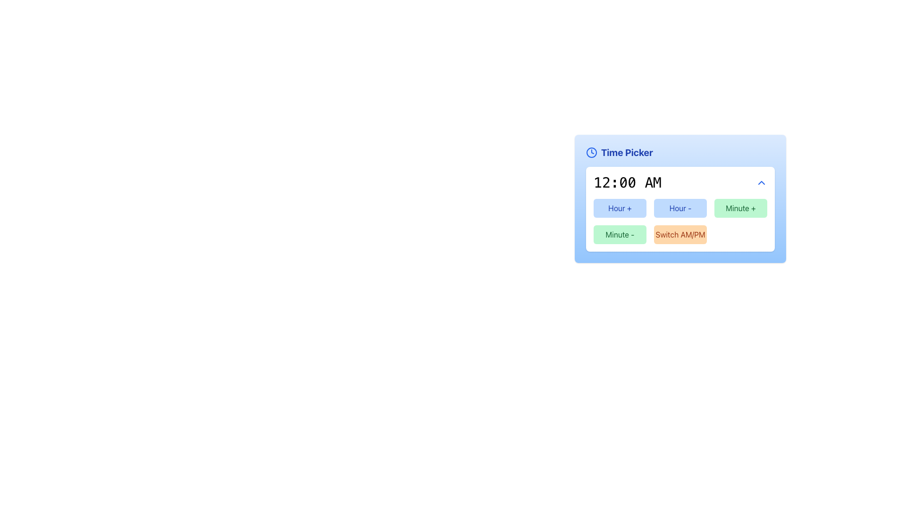  What do you see at coordinates (627, 152) in the screenshot?
I see `the 'Time Picker' label, which is a bold blue text in the title section of the time selection widget` at bounding box center [627, 152].